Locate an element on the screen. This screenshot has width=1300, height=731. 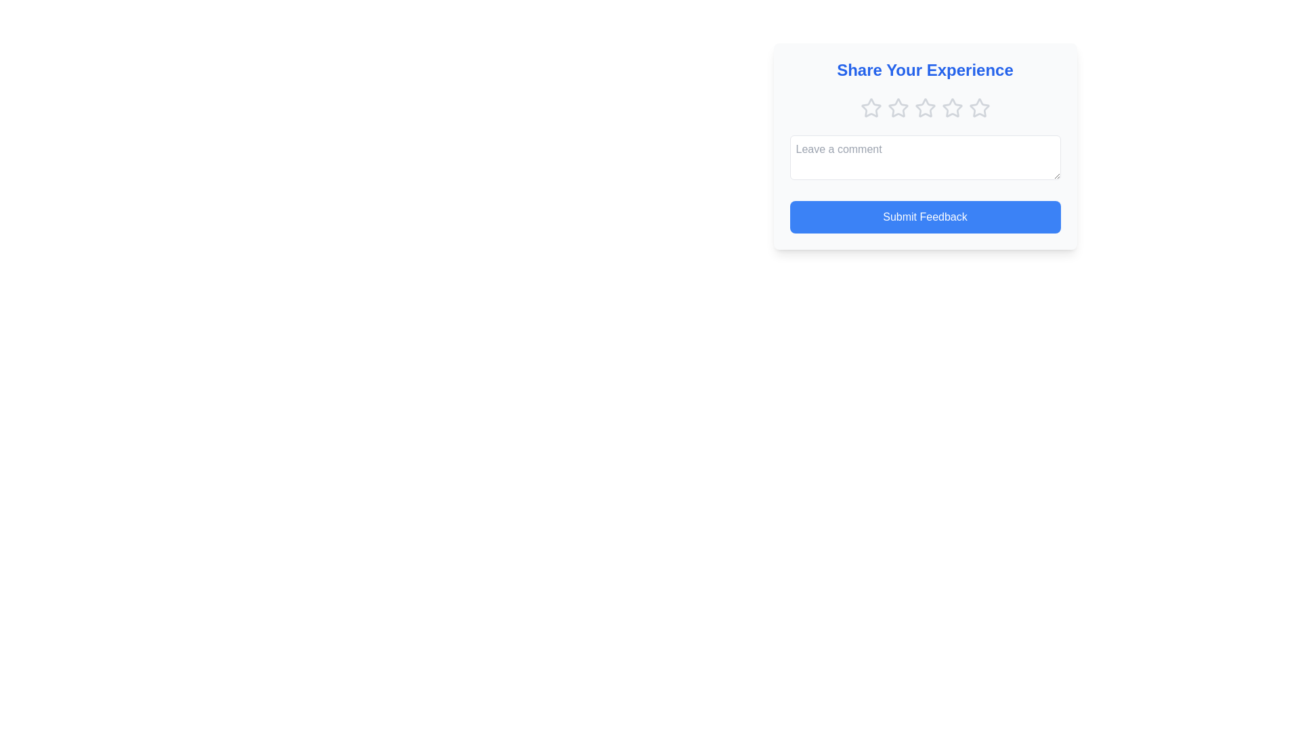
the first rating star icon to assign a rating value of one out of five, located near the top-left of the comment input box in the feedback form is located at coordinates (871, 107).